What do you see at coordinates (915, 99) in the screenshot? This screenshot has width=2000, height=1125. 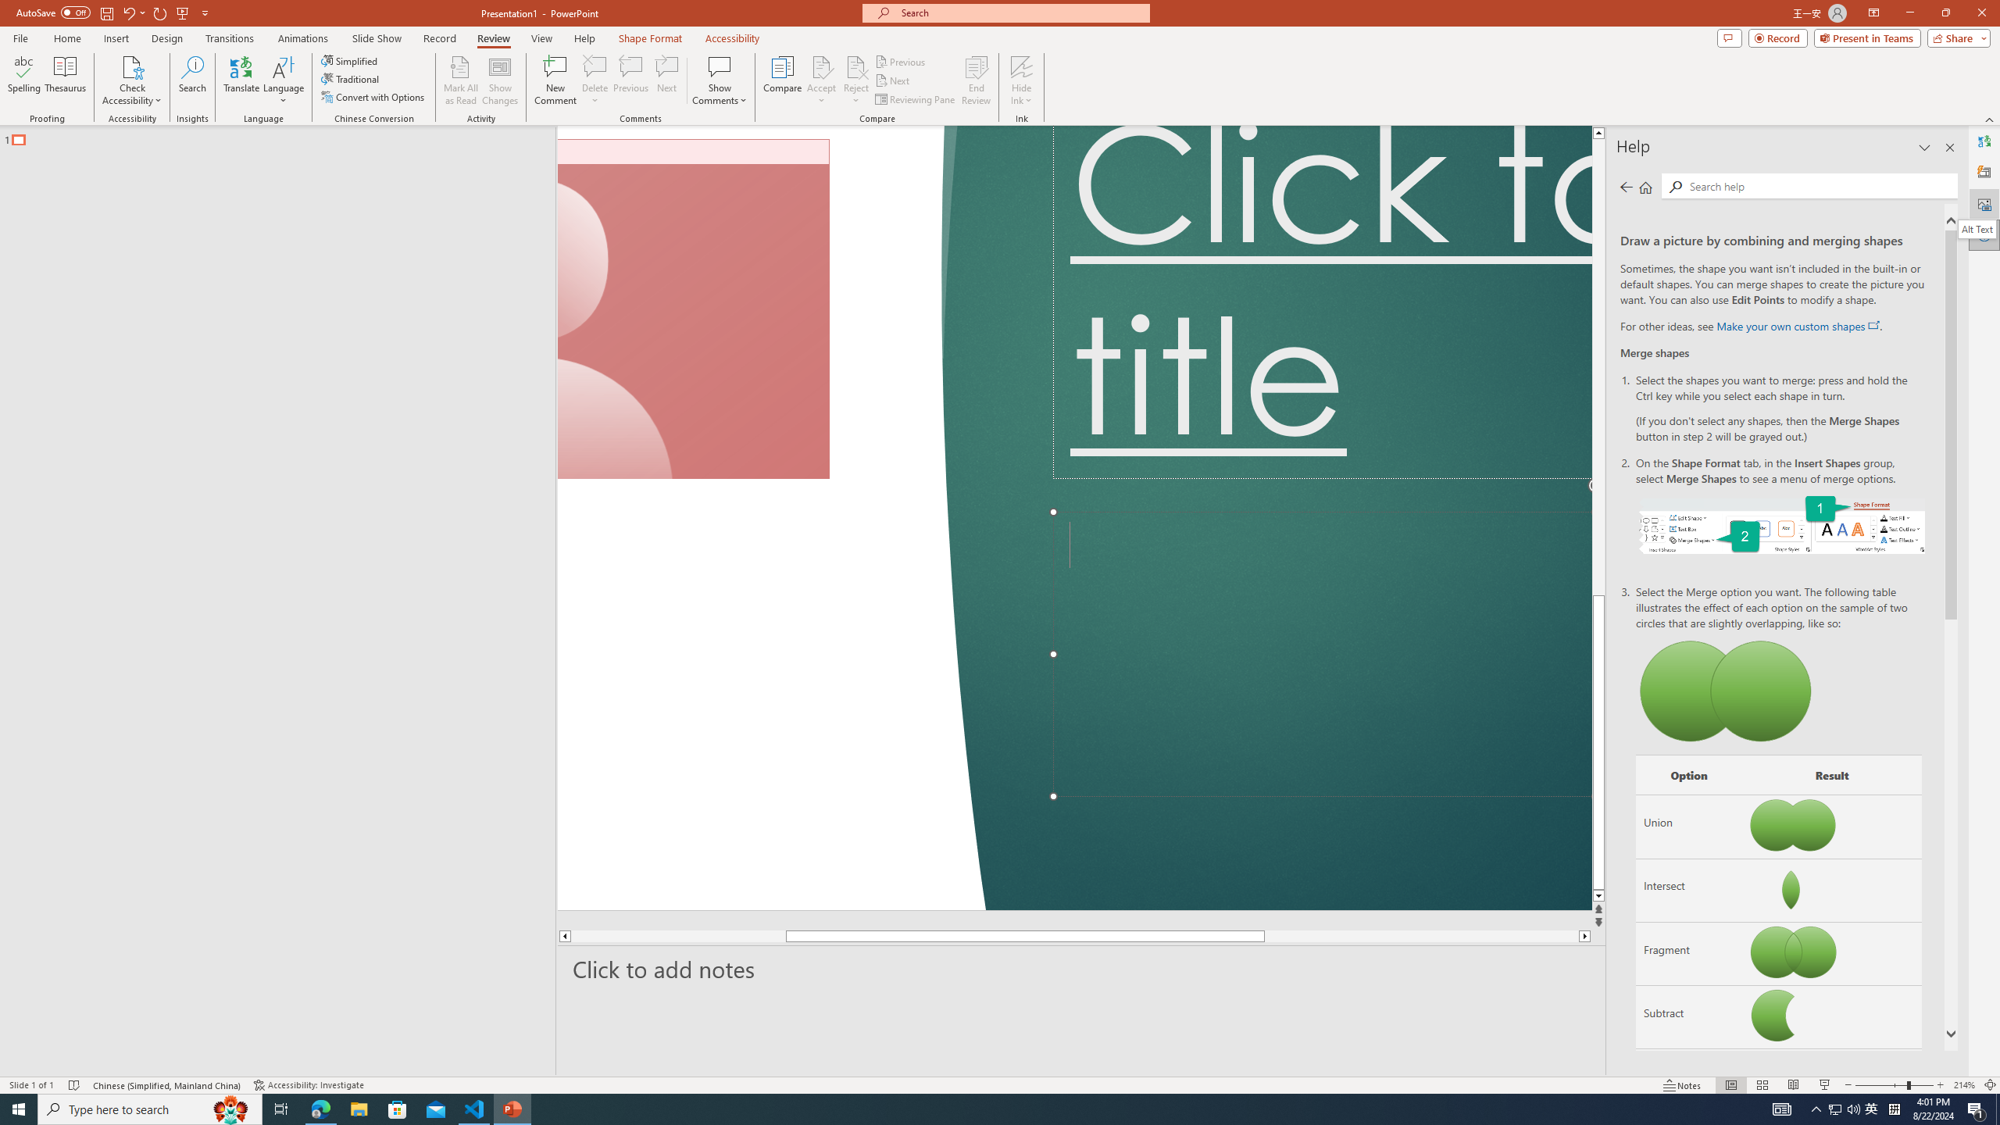 I see `'Reviewing Pane'` at bounding box center [915, 99].